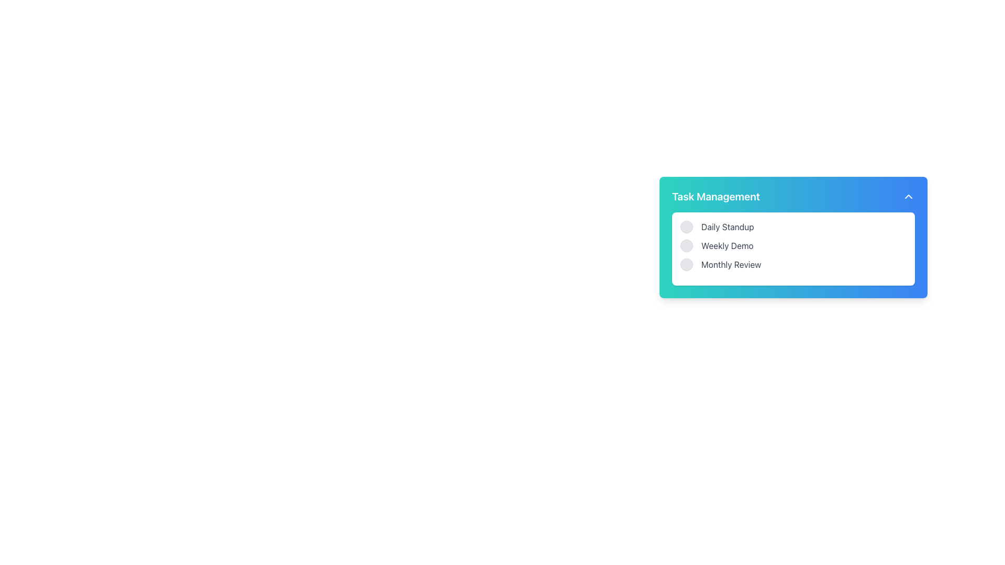 Image resolution: width=1005 pixels, height=565 pixels. I want to click on the 'Monthly Review' text label, which is dark gray and positioned next to a circular radio button in the Task Management card, representing the third selectable option in the list, so click(731, 264).